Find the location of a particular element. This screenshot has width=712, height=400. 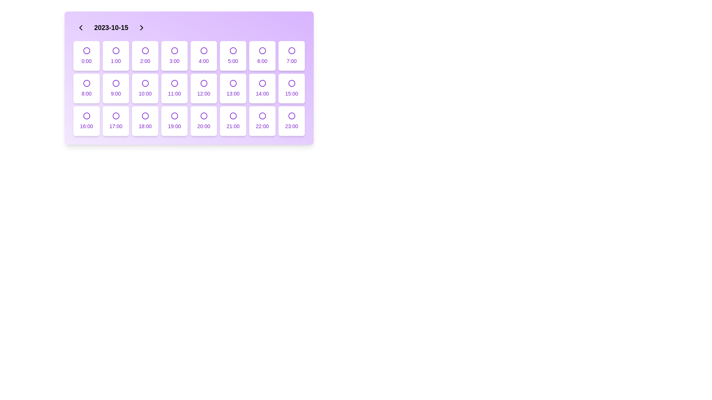

the time slot selection button located in the second row and third column of the grid is located at coordinates (145, 88).